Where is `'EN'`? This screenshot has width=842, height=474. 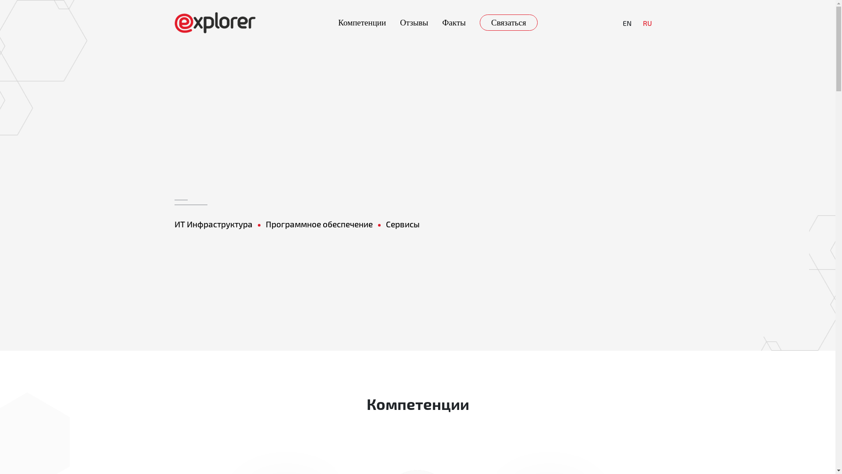
'EN' is located at coordinates (626, 22).